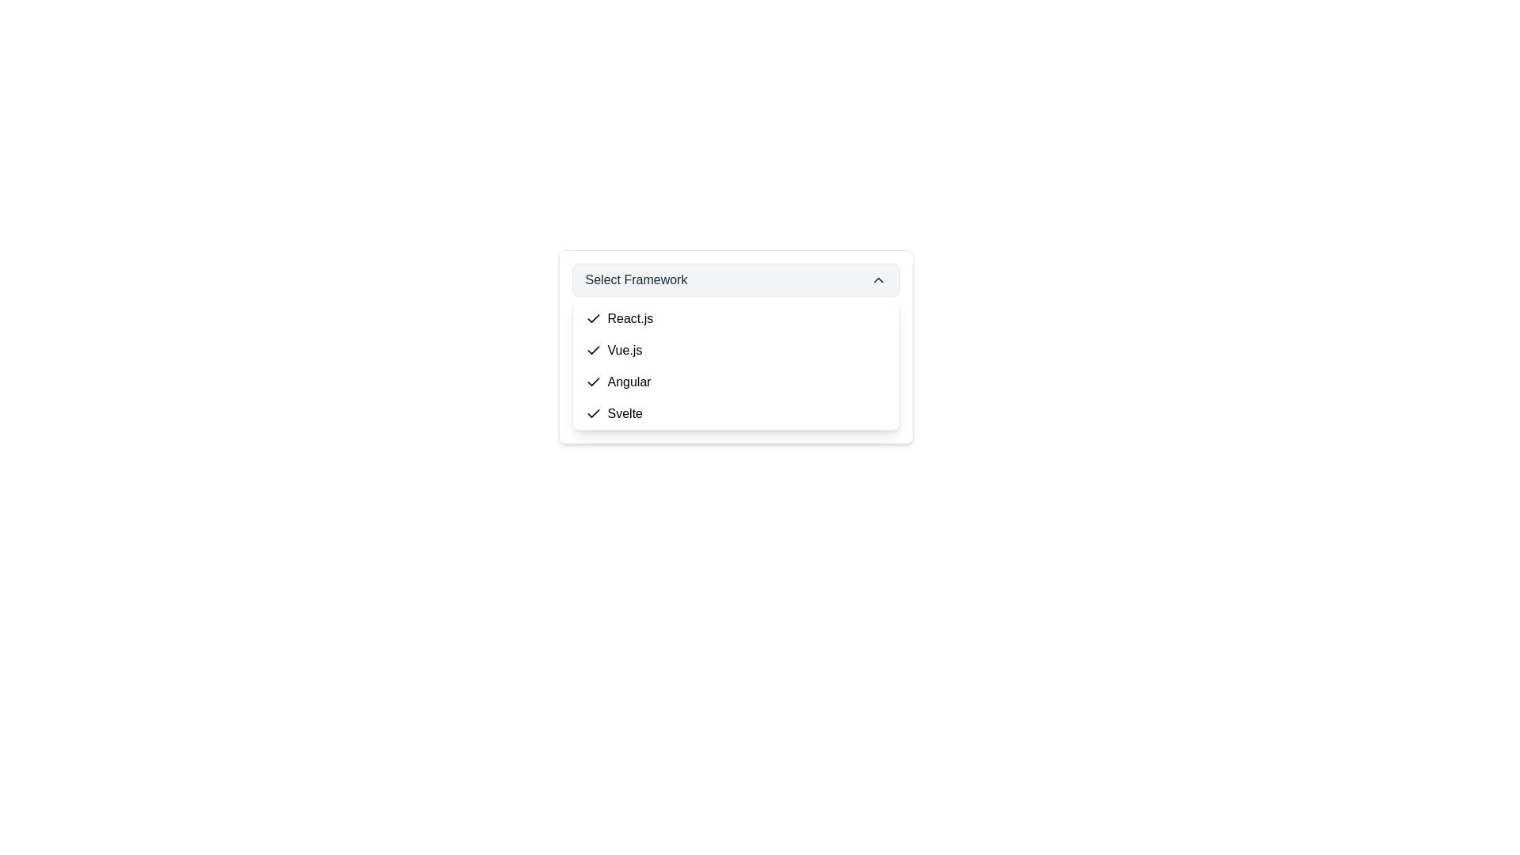 This screenshot has height=855, width=1520. I want to click on the list item labeled 'React.js' in the dropdown menu, so click(735, 318).